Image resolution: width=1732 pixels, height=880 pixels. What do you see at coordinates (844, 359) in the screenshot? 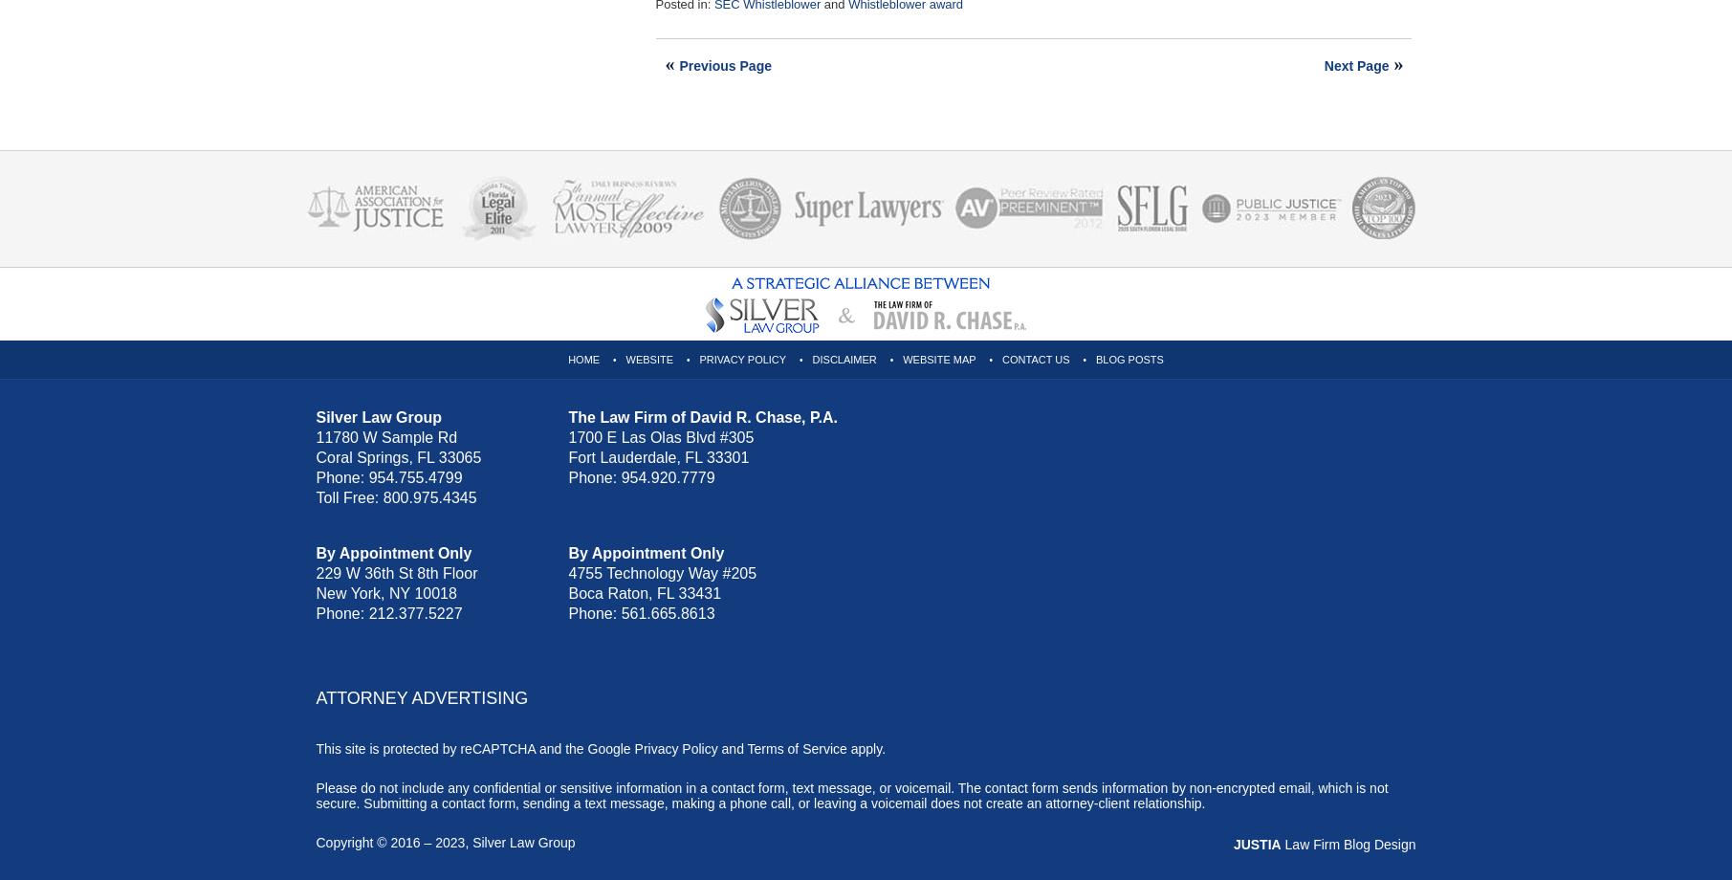
I see `'Disclaimer'` at bounding box center [844, 359].